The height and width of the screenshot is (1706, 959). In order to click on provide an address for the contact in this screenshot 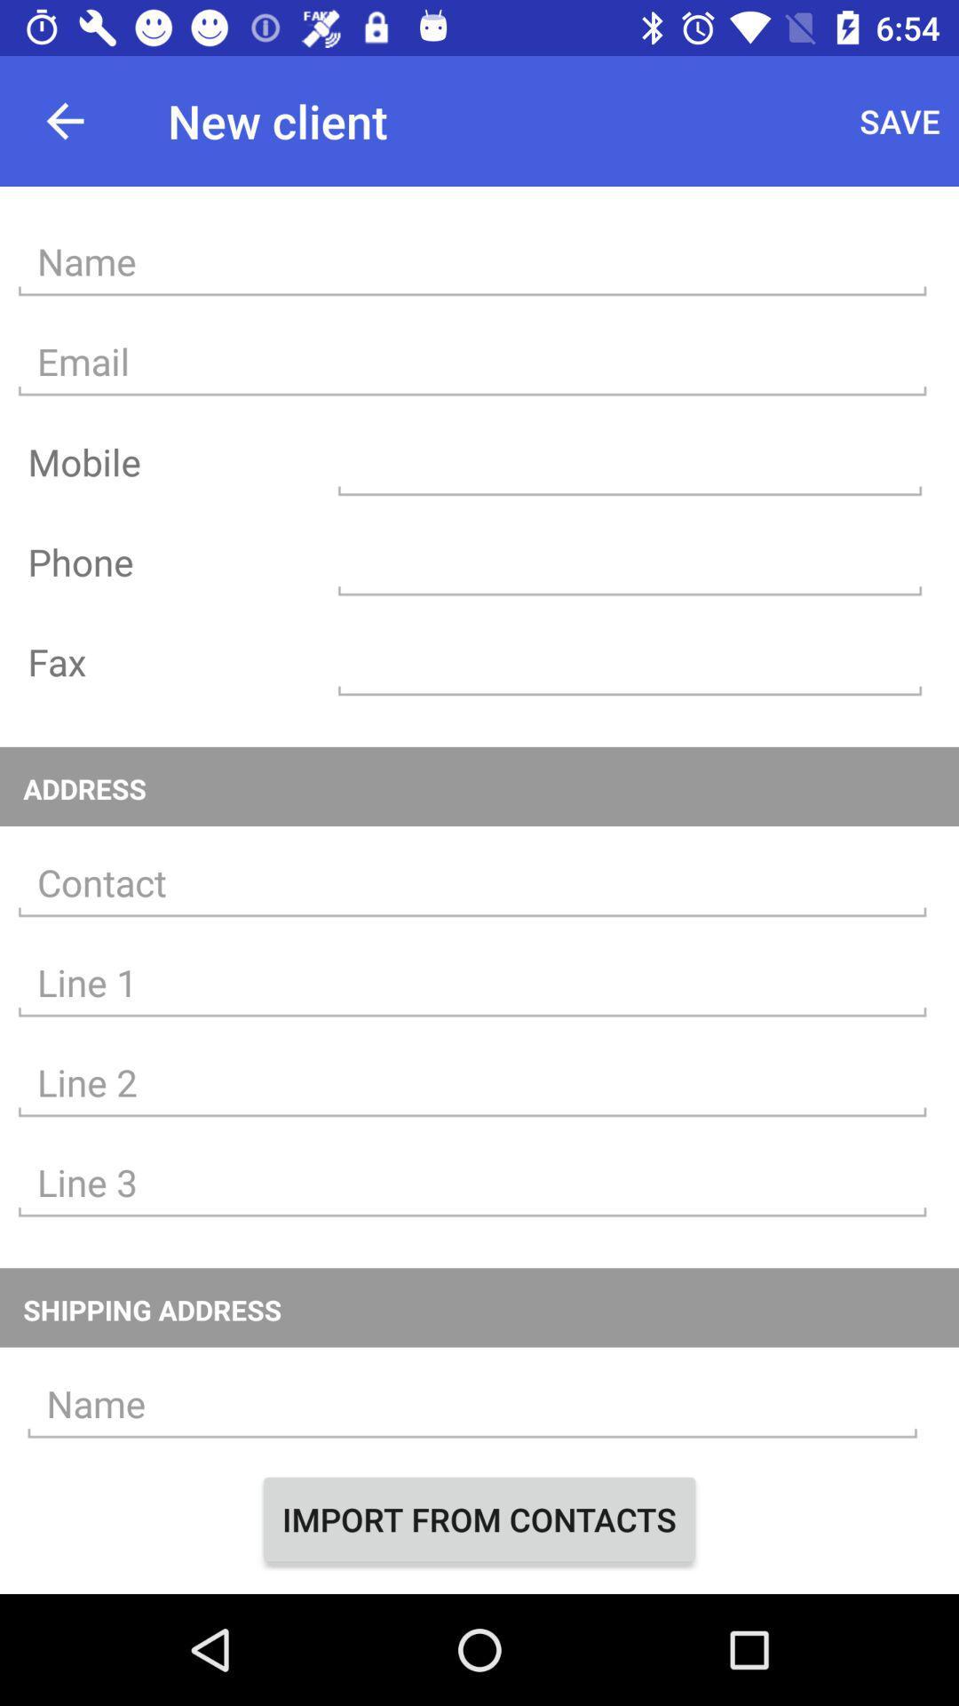, I will do `click(472, 883)`.